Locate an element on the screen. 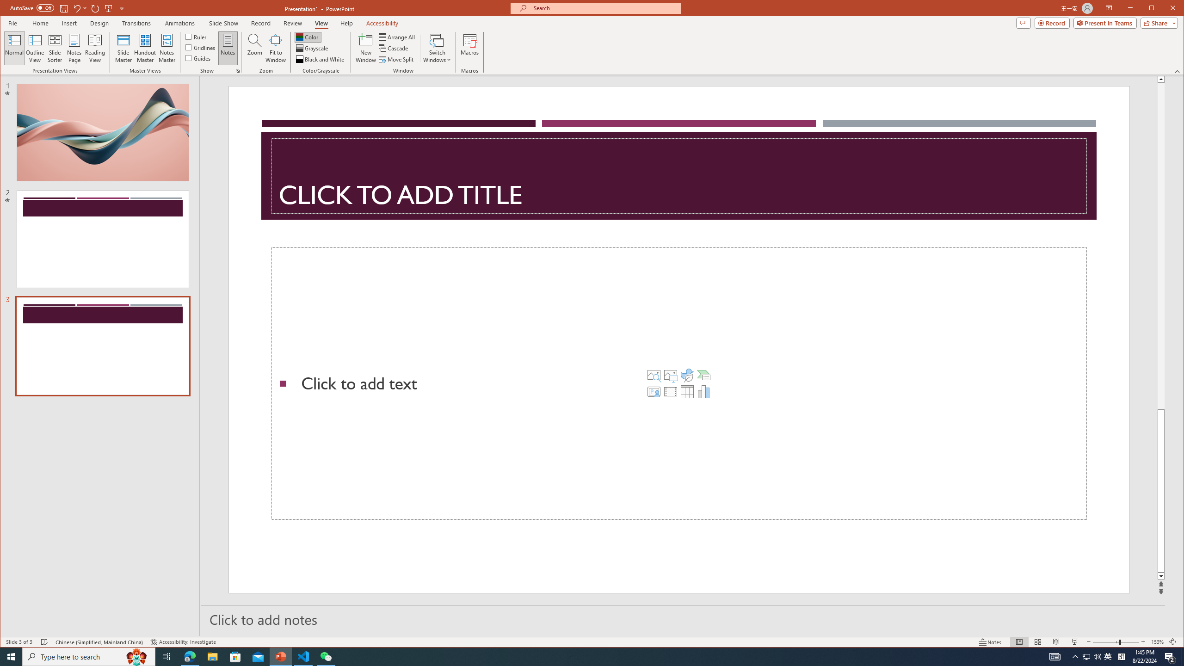  'Ruler' is located at coordinates (196, 36).